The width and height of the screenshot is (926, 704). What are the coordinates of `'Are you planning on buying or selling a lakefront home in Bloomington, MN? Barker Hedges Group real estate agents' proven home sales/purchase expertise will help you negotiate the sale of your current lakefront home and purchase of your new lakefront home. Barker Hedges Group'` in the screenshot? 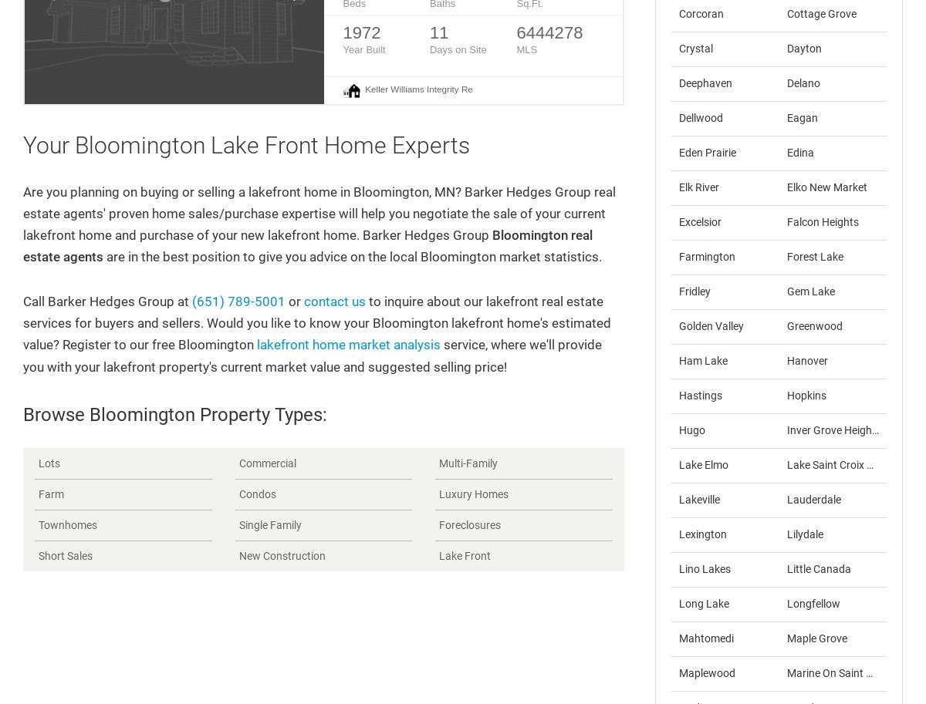 It's located at (23, 214).